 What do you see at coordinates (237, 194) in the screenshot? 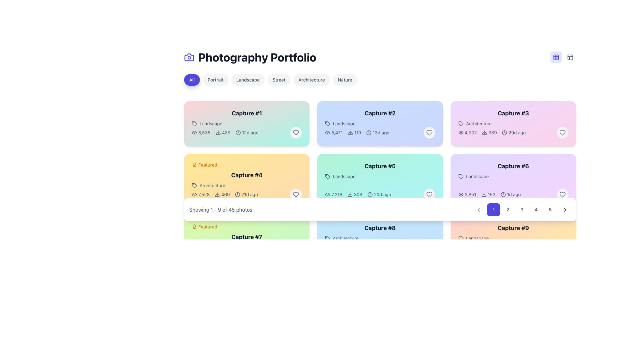
I see `the decorative or informative icon located to the left of the '21d ago' text within the yellow card labeled 'Capture #4'` at bounding box center [237, 194].